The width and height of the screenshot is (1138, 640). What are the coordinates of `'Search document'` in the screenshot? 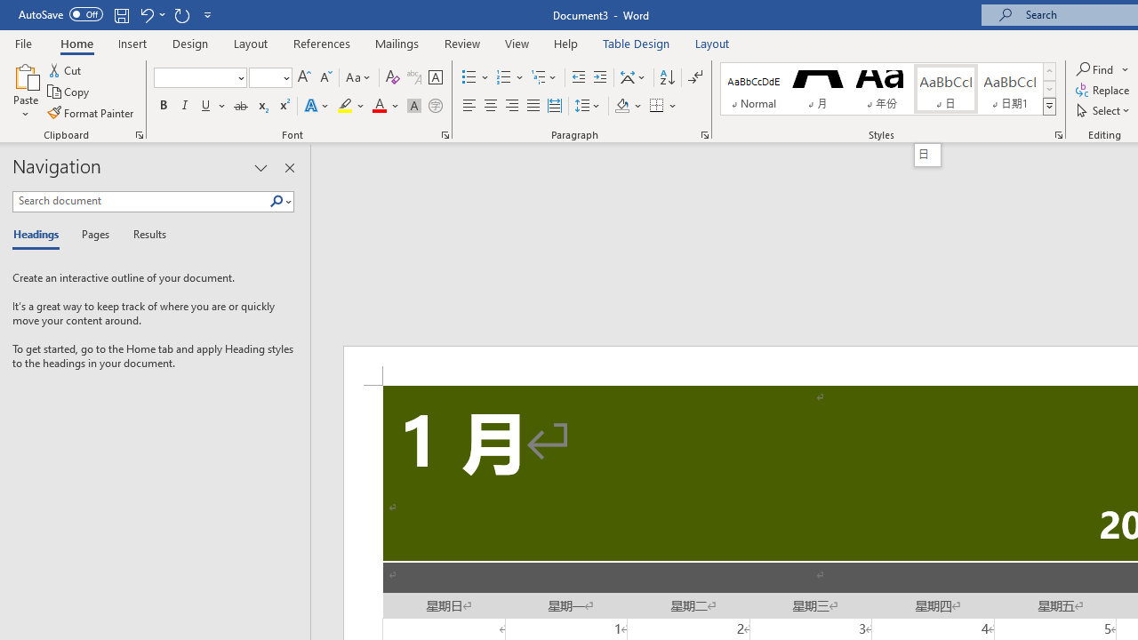 It's located at (140, 200).